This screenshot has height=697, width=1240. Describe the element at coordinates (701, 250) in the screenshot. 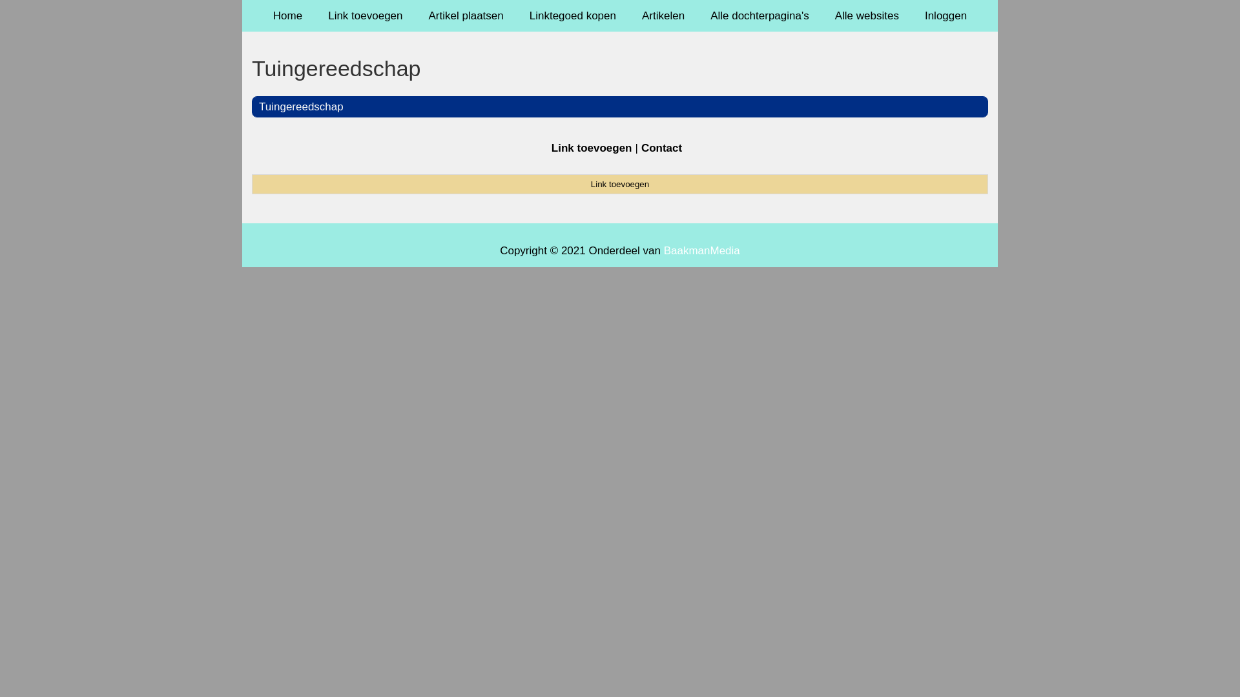

I see `'BaakmanMedia'` at that location.